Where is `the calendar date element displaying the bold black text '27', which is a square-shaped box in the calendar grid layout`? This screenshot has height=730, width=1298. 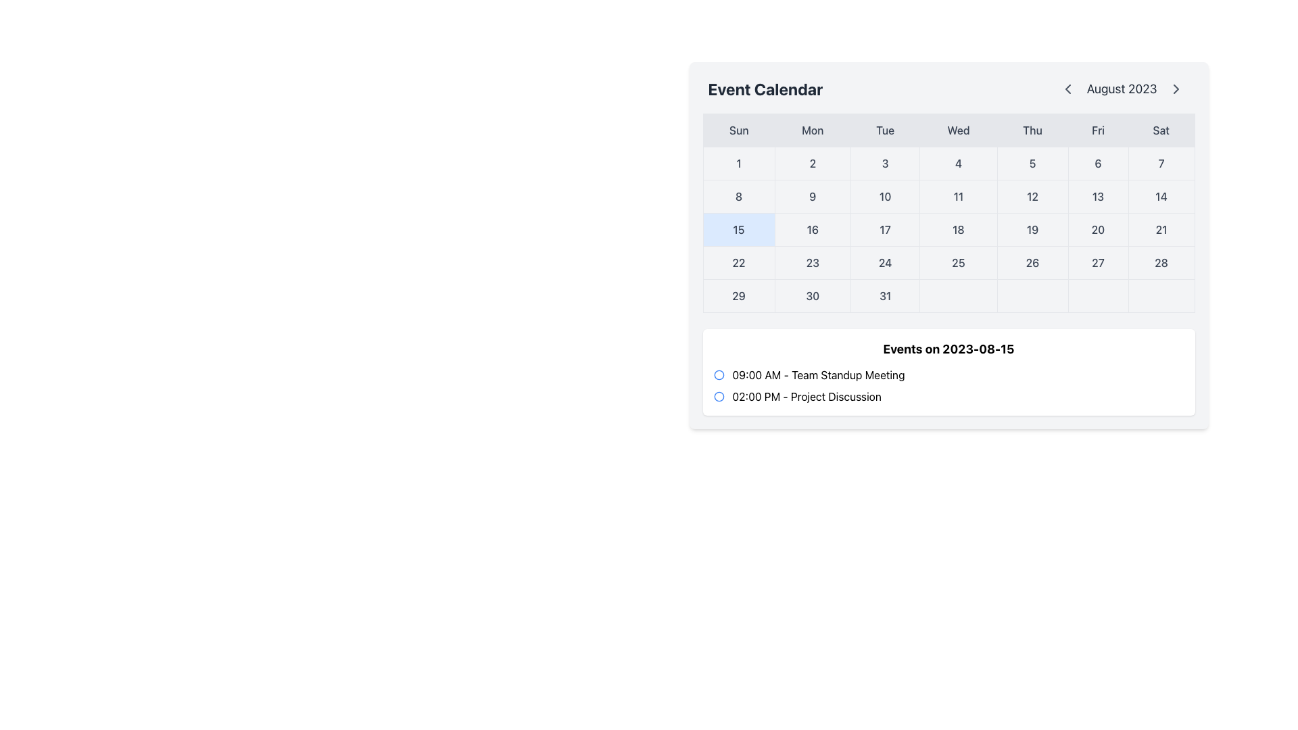
the calendar date element displaying the bold black text '27', which is a square-shaped box in the calendar grid layout is located at coordinates (1098, 263).